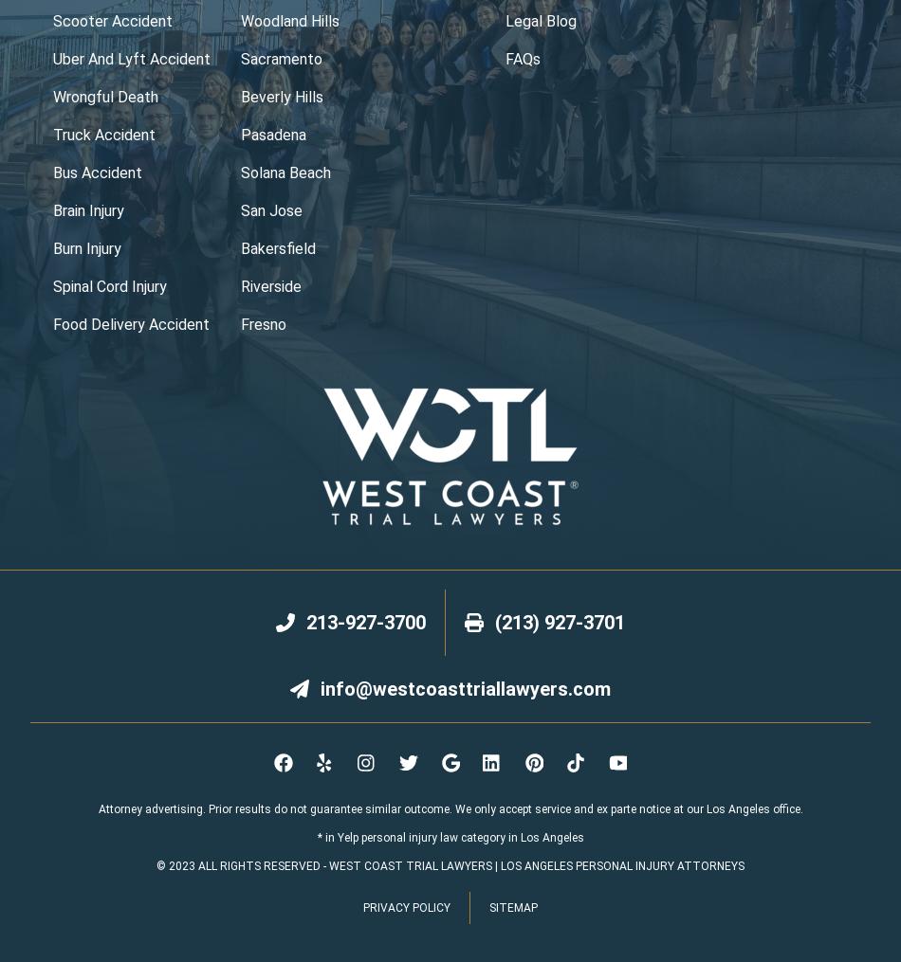  I want to click on 'Riverside', so click(240, 285).